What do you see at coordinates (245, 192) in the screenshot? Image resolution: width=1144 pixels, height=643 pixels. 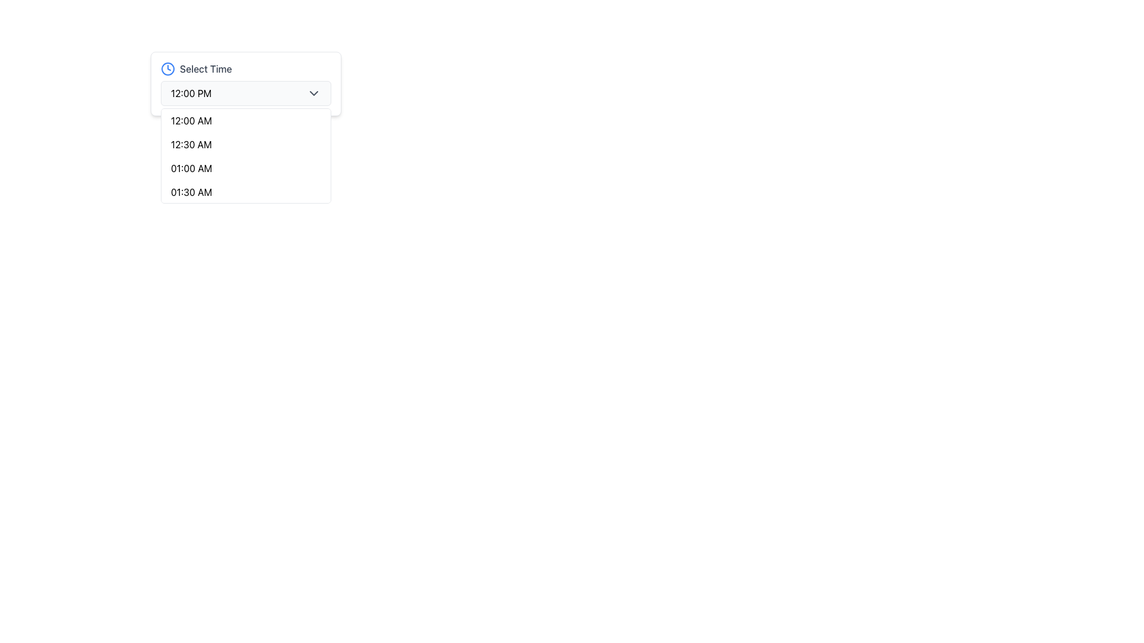 I see `the fourth option in the dropdown menu` at bounding box center [245, 192].